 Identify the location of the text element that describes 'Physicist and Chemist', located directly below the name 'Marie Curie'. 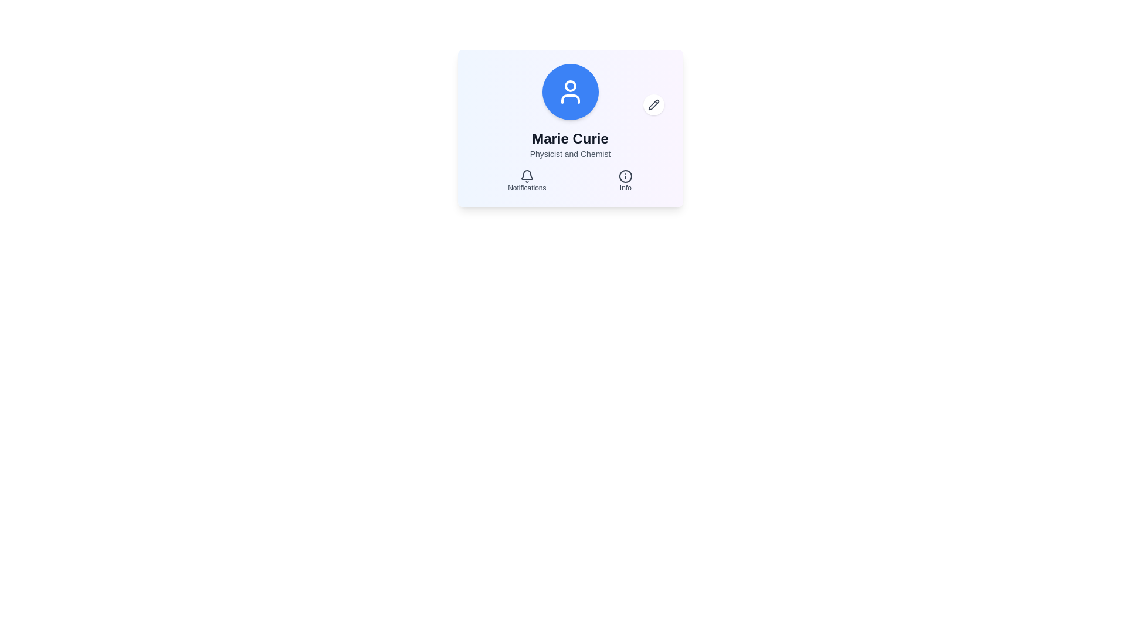
(570, 153).